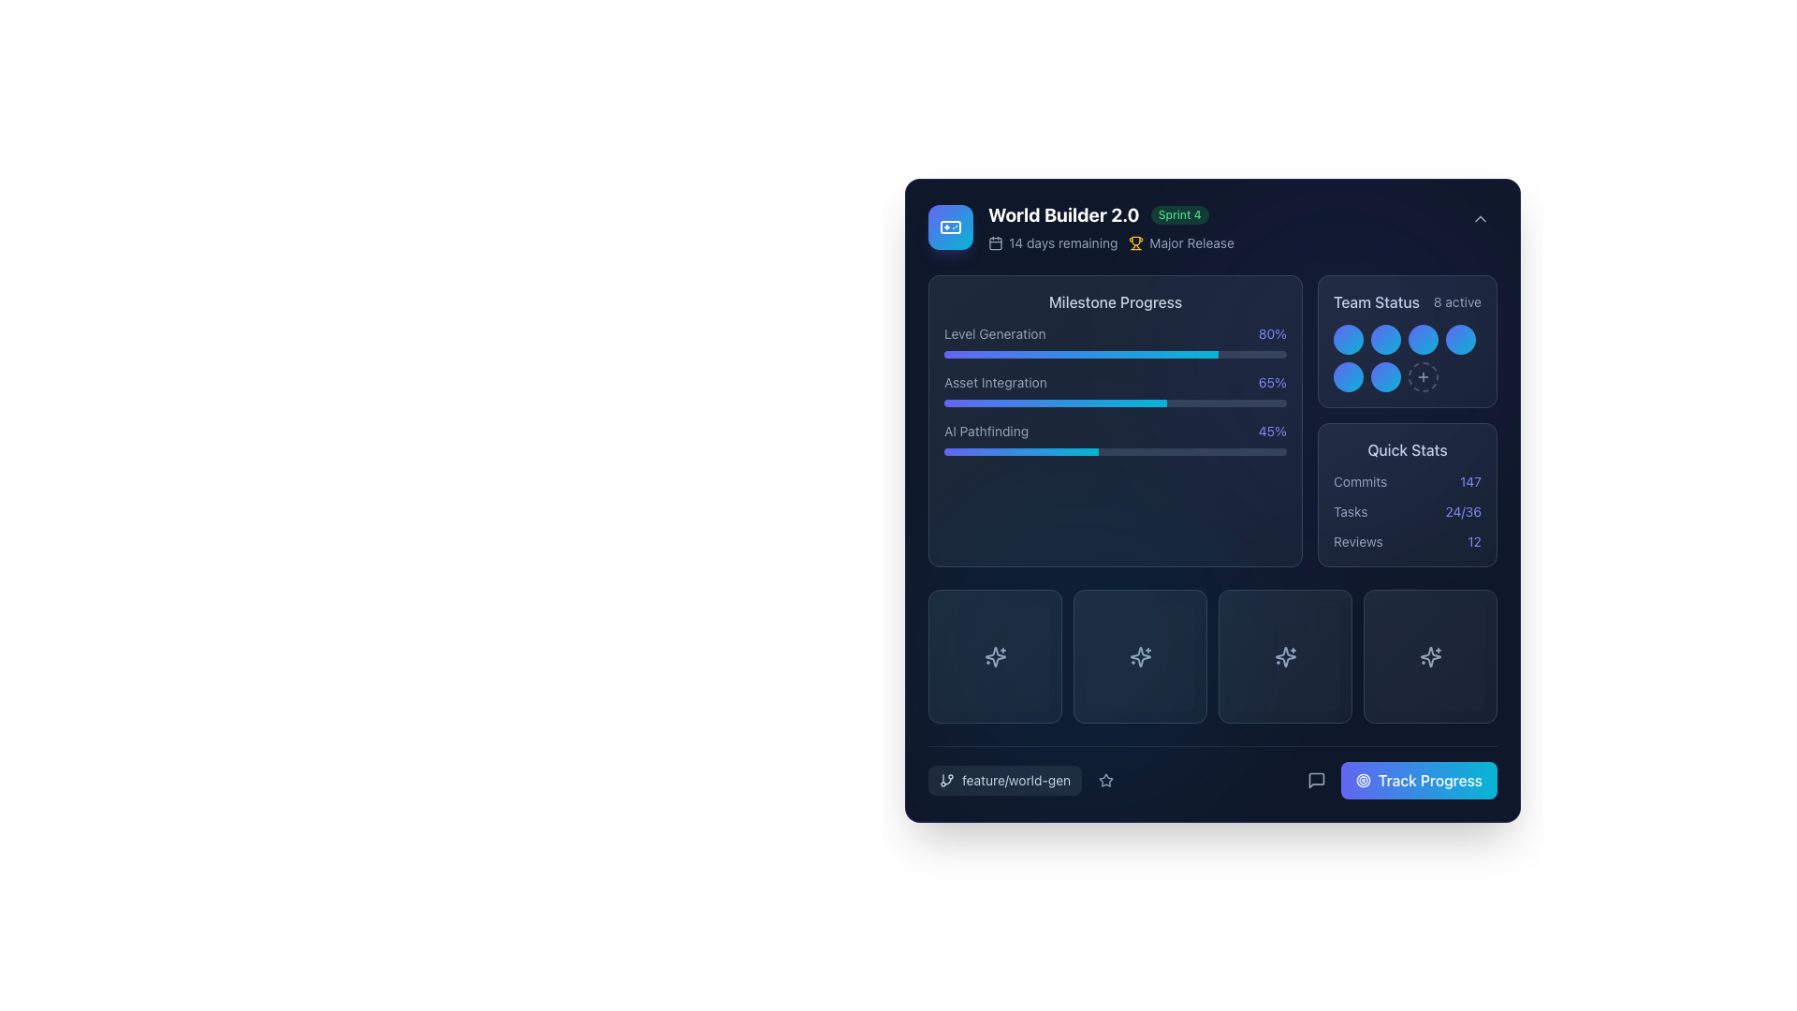 This screenshot has width=1797, height=1011. Describe the element at coordinates (1115, 354) in the screenshot. I see `the horizontal progress bar located in the 'Milestone Progress' section, directly under the 'Level Generation' text, which has a dark slate background and an indigo to cyan gradient progress indicator` at that location.